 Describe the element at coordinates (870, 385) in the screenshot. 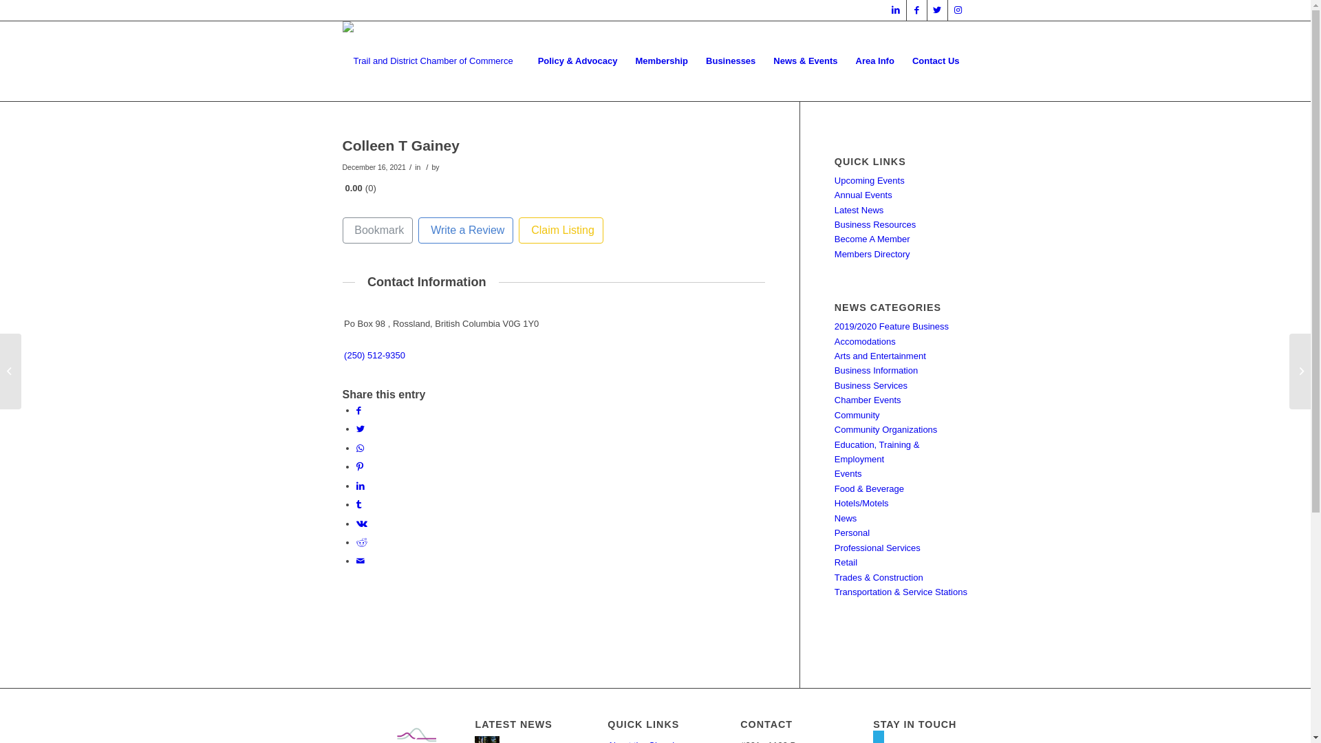

I see `'Business Services'` at that location.